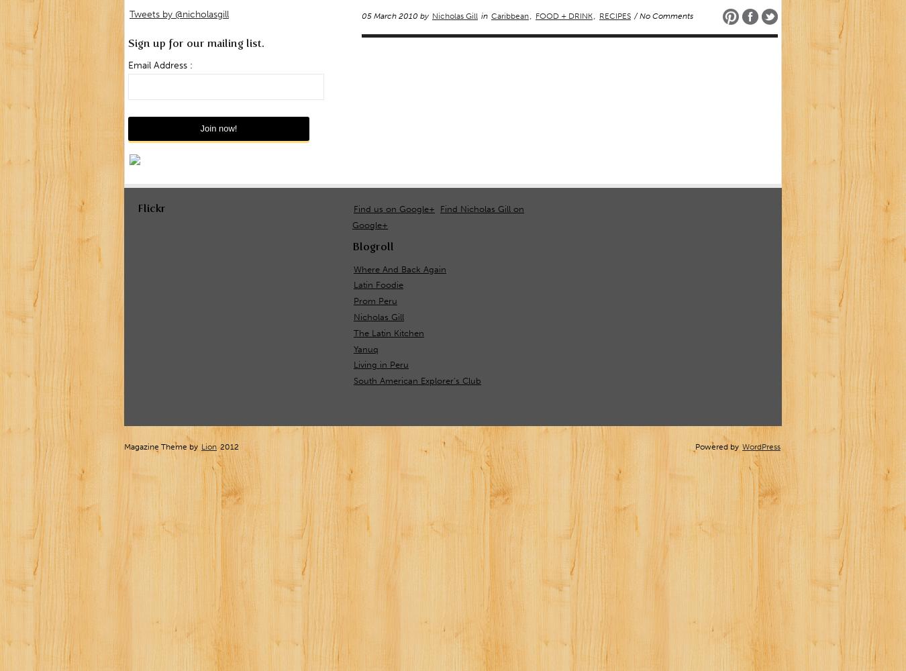 Image resolution: width=906 pixels, height=671 pixels. Describe the element at coordinates (438, 215) in the screenshot. I see `'Find Nicholas Gill on Google+'` at that location.